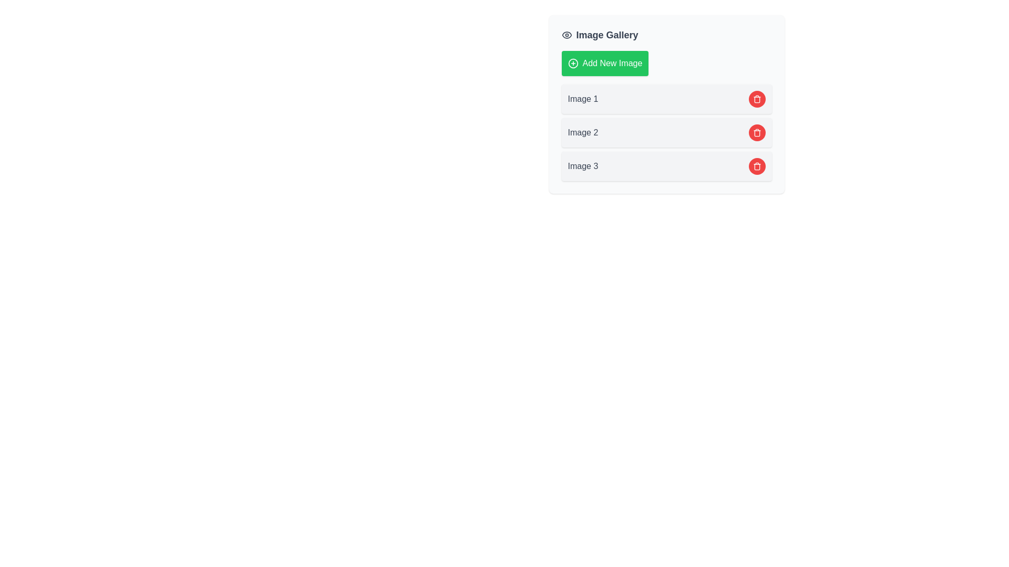  I want to click on trash icon graphic element, which is the outline of the trash can's body within the delete button of the second entry, for styling or design, so click(757, 133).